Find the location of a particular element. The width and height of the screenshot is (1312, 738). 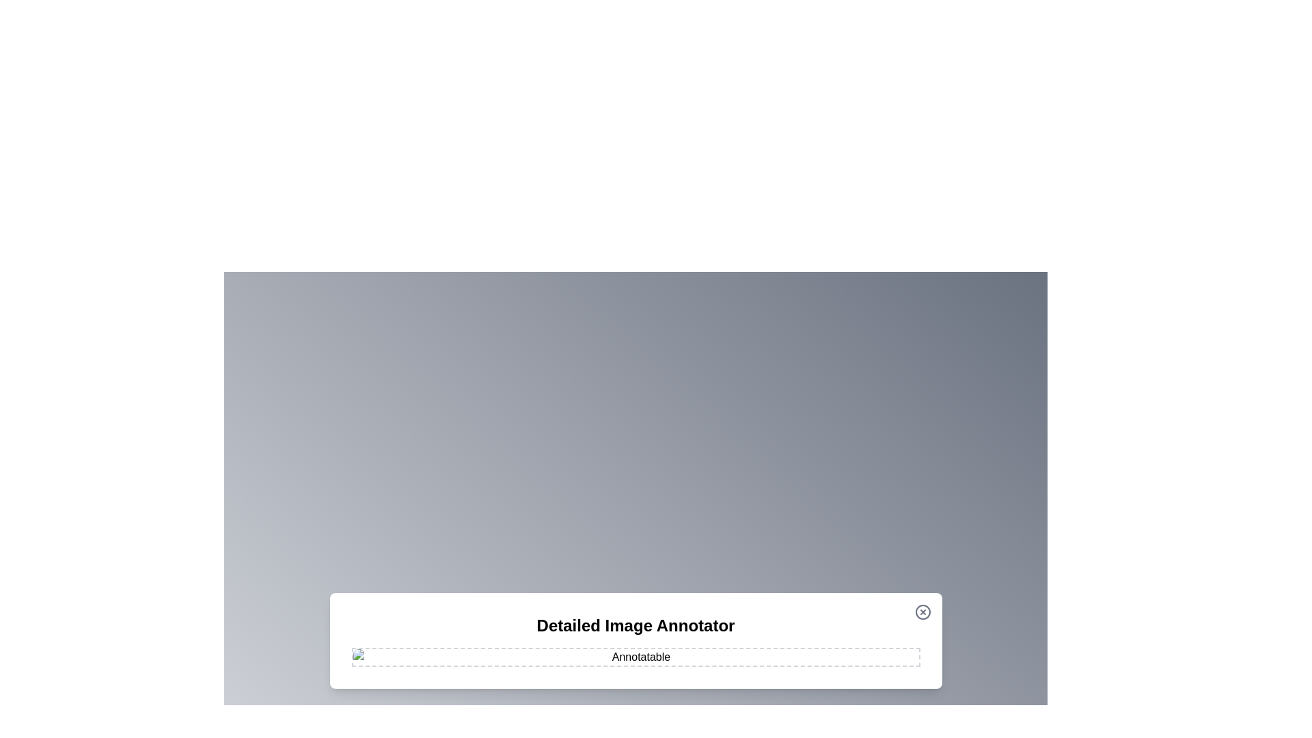

the image at coordinates (1237, 963) to add an annotation is located at coordinates (845, 657).